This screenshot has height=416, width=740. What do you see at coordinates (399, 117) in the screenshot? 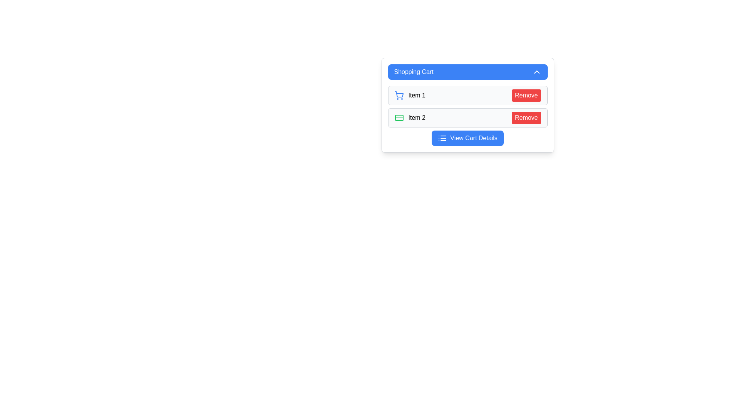
I see `the icon associated with 'Item 2'` at bounding box center [399, 117].